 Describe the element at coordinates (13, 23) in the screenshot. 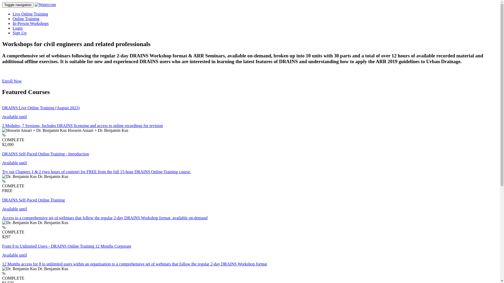

I see `'In-Person Workshops'` at that location.